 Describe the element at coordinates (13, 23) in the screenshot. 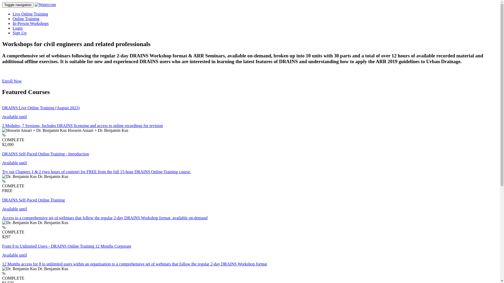

I see `'In-Person Workshops'` at that location.